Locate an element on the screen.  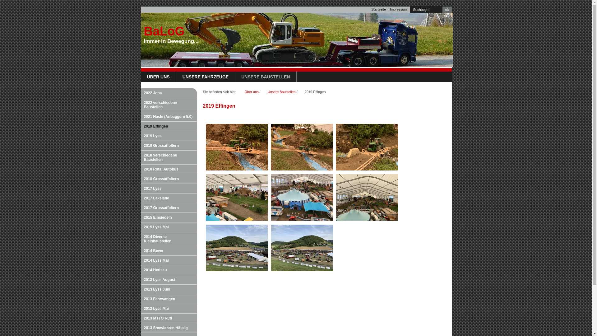
'2014 Lyss Mai' is located at coordinates (169, 260).